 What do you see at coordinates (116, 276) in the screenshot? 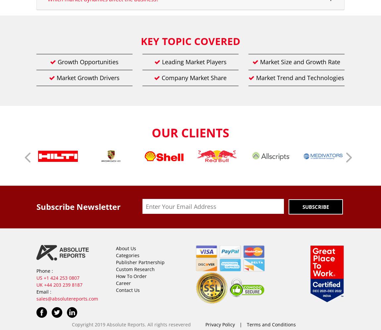
I see `'How To Order'` at bounding box center [116, 276].